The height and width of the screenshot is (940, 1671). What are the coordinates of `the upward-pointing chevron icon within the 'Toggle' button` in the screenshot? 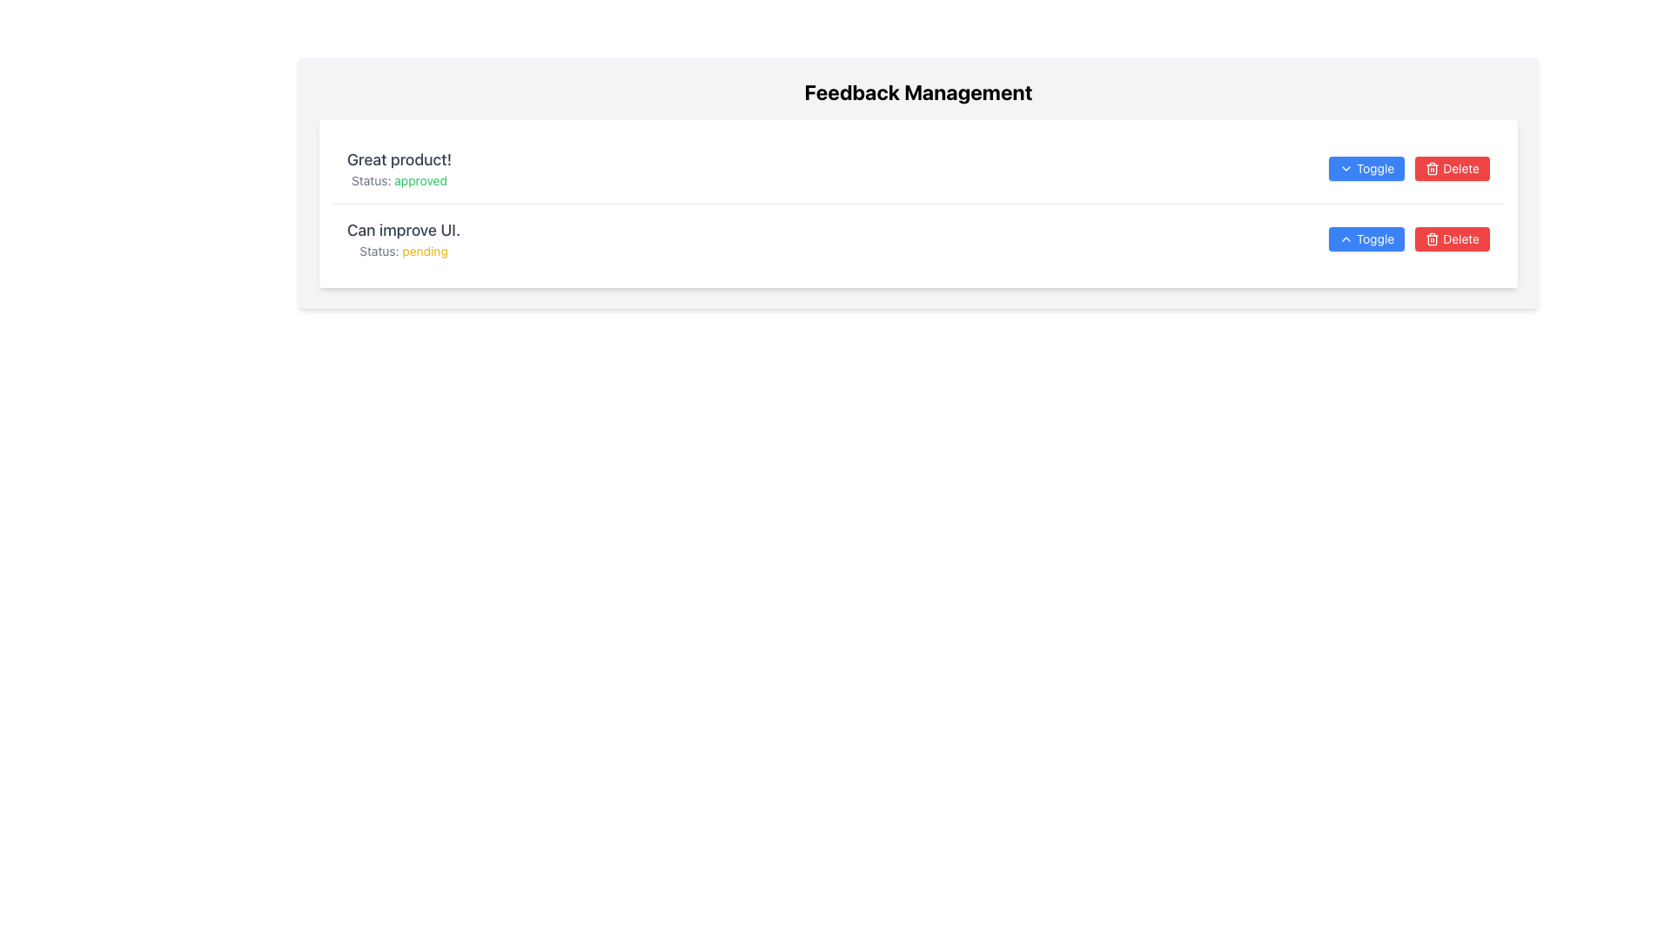 It's located at (1345, 238).